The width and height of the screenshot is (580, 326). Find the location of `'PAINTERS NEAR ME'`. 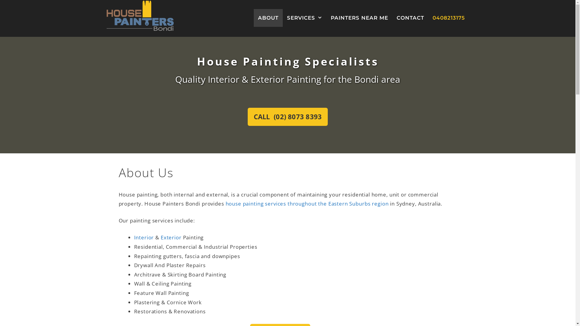

'PAINTERS NEAR ME' is located at coordinates (359, 18).